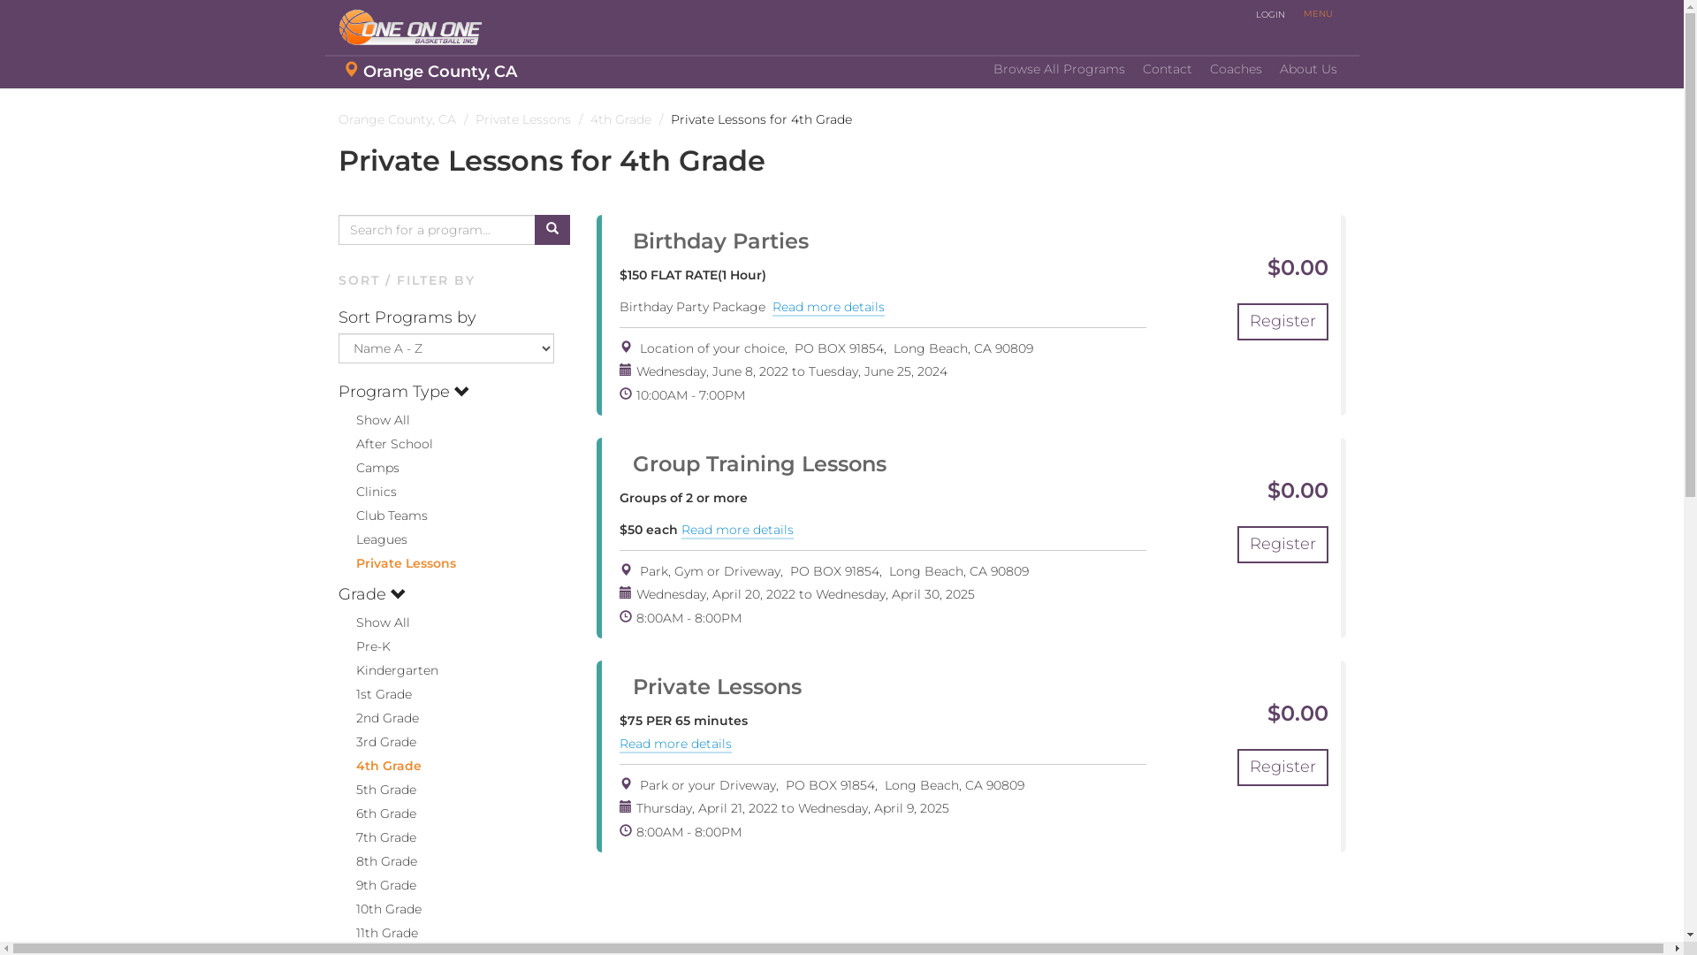  I want to click on '11th Grade', so click(377, 932).